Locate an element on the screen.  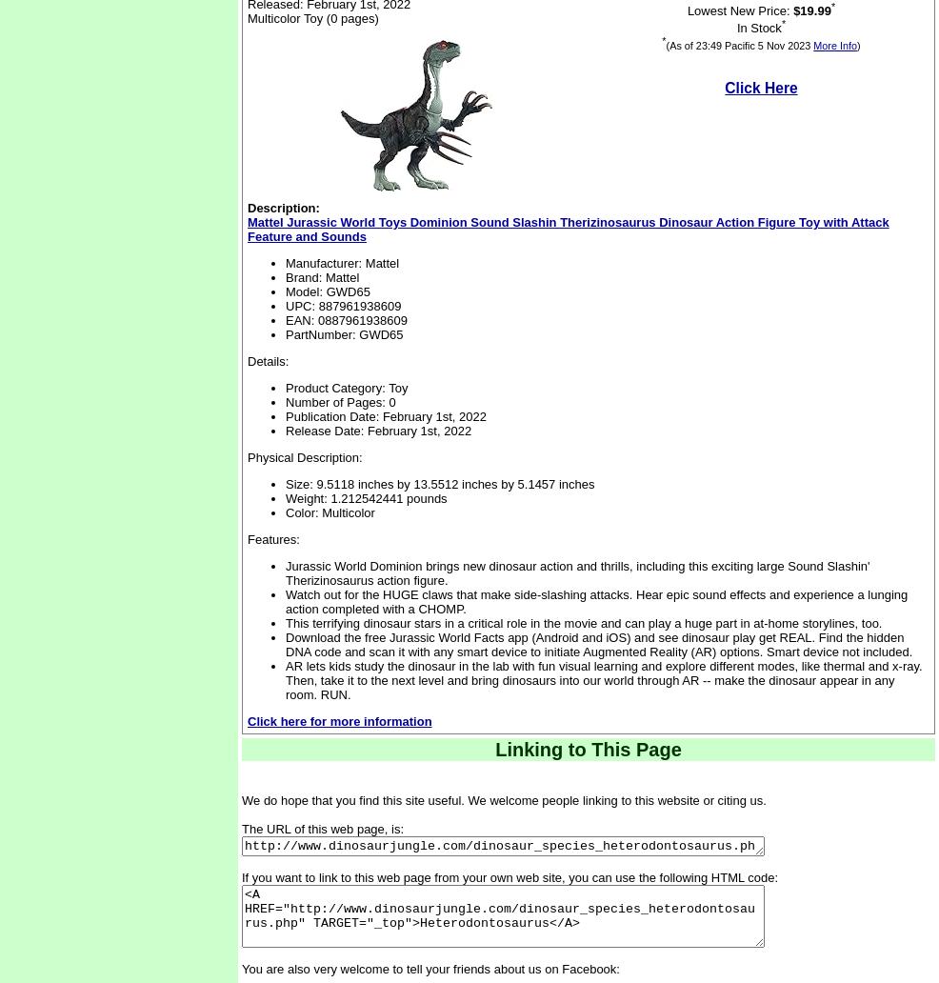
'Physical Description:' is located at coordinates (304, 456).